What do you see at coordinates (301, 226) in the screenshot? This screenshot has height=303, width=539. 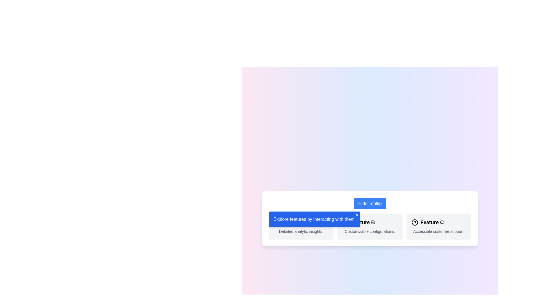 I see `the Card element containing a title and feature description, located in the leftmost column beneath the tooltip 'Explore features by interacting with them.'` at bounding box center [301, 226].